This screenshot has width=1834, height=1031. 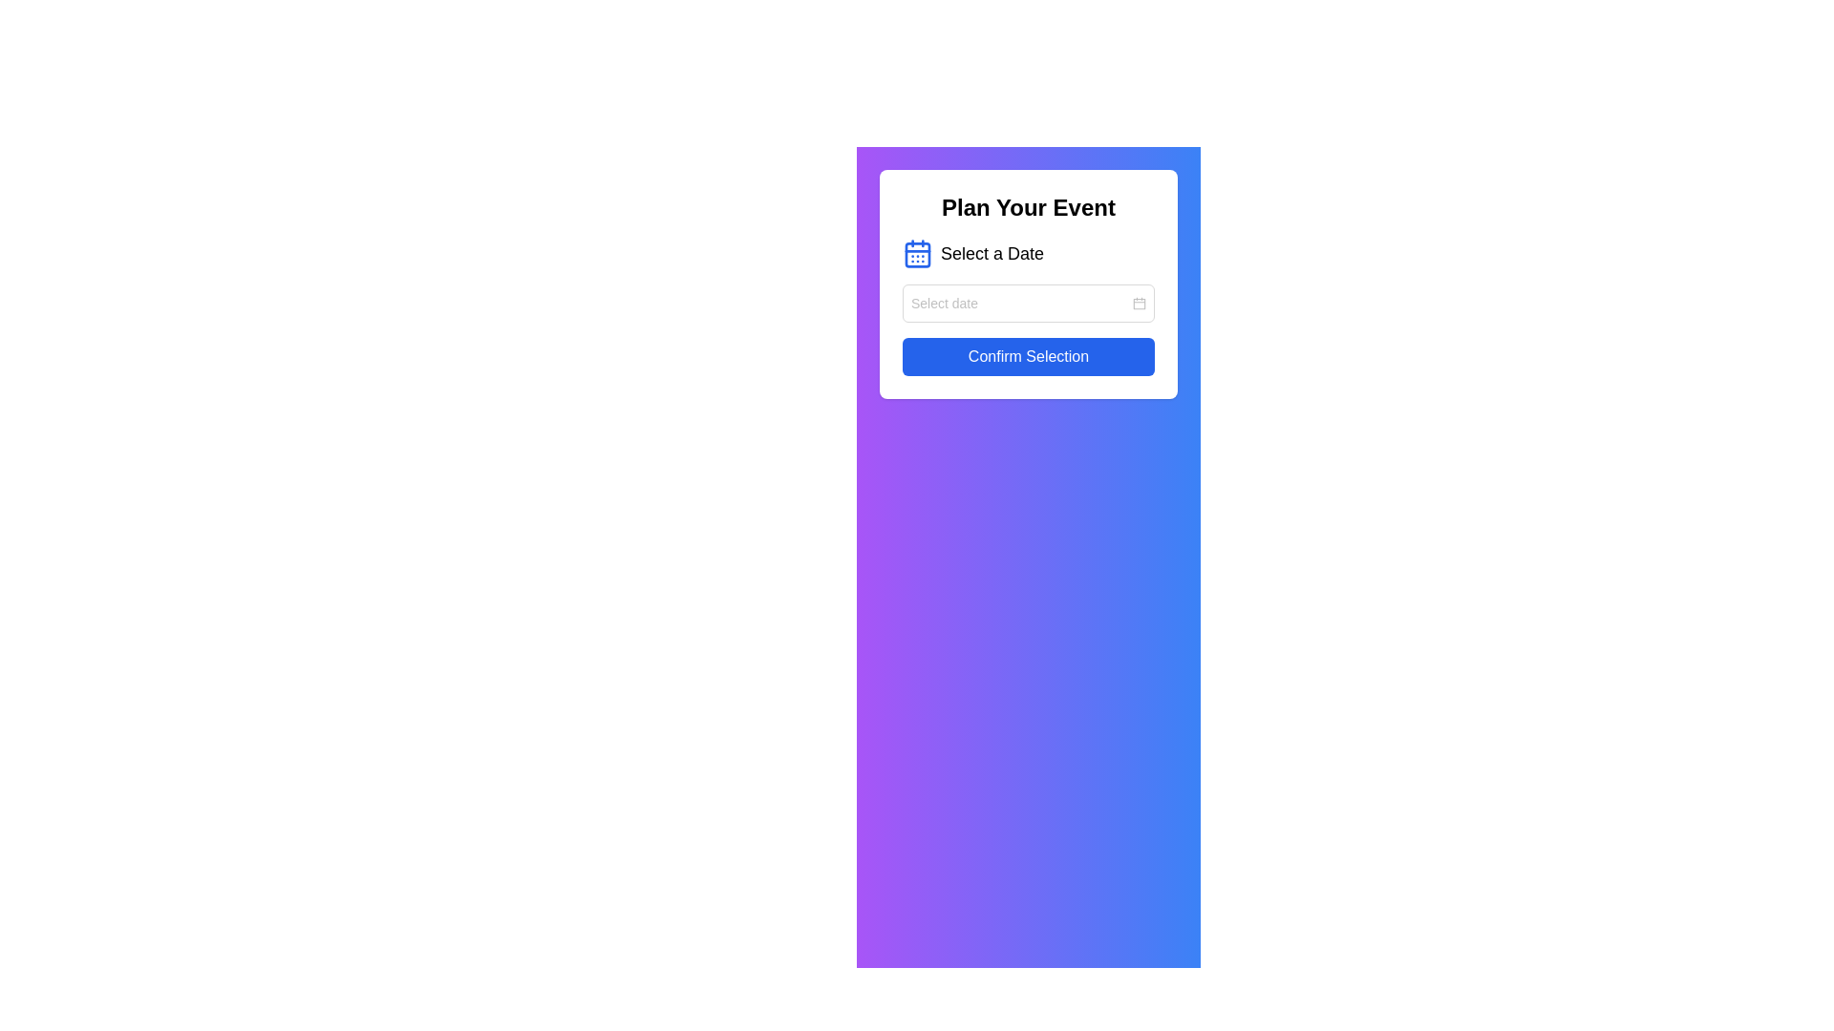 I want to click on the label that indicates the date selection section, positioned below the title 'Plan Your Event' and above the date input field, so click(x=1027, y=253).